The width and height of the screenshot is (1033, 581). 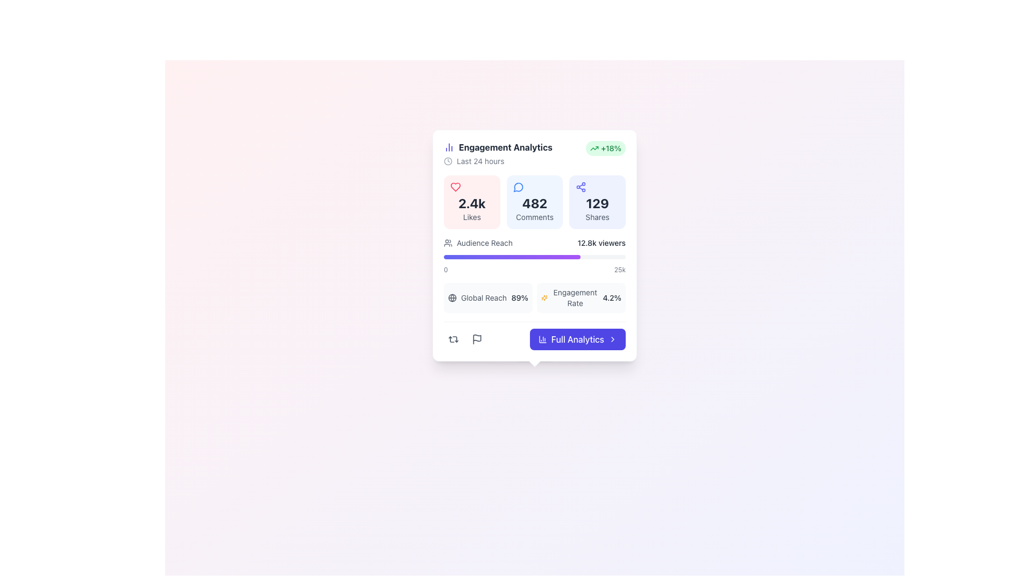 What do you see at coordinates (612, 339) in the screenshot?
I see `the arrow icon located on the right side of the 'Full Analytics' button at the bottom of the Engagement Analytics card` at bounding box center [612, 339].